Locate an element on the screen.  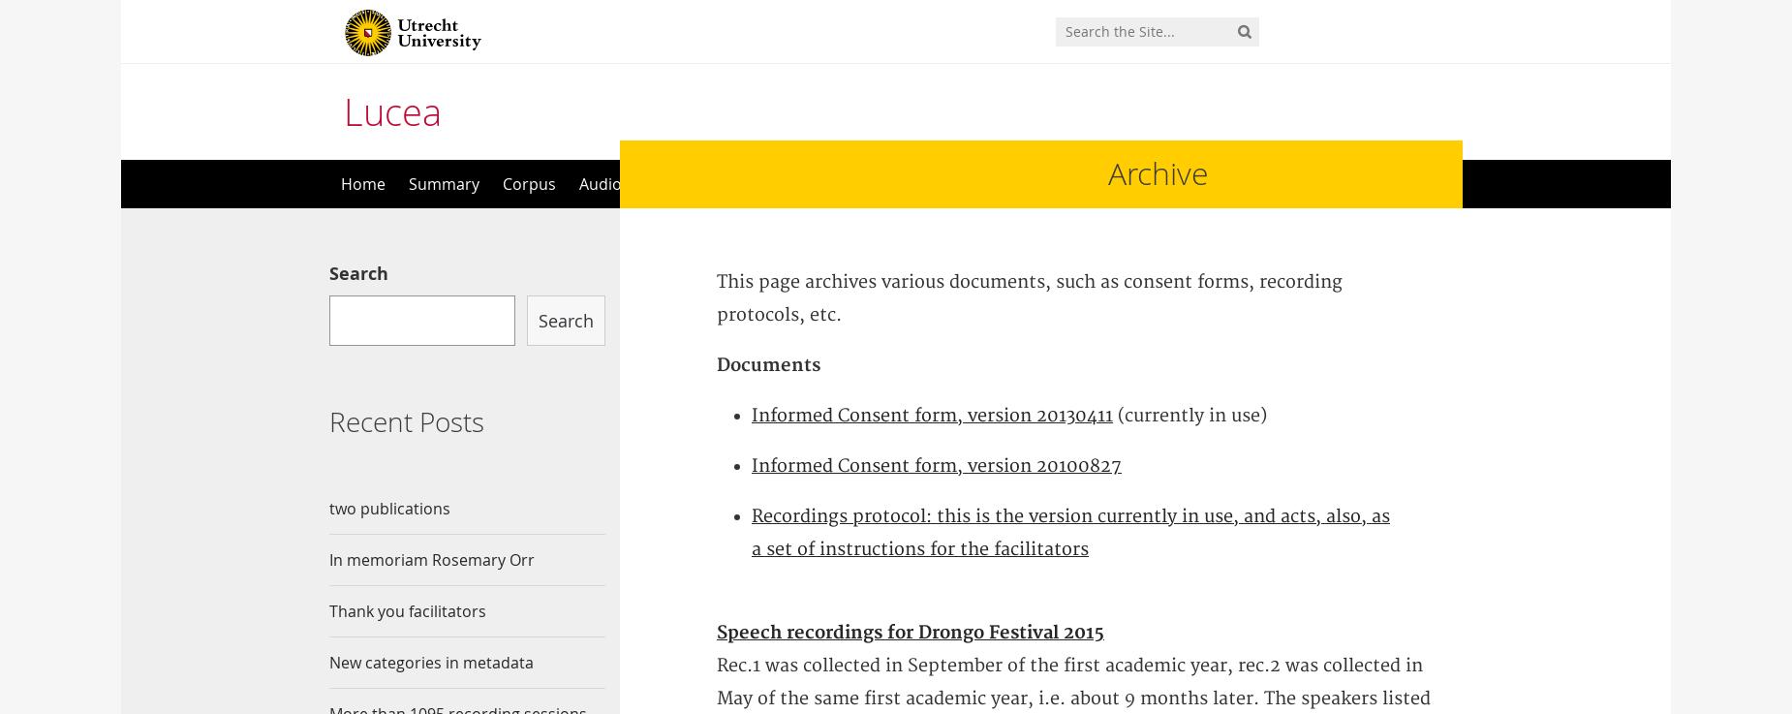
'Contact' is located at coordinates (1066, 182).